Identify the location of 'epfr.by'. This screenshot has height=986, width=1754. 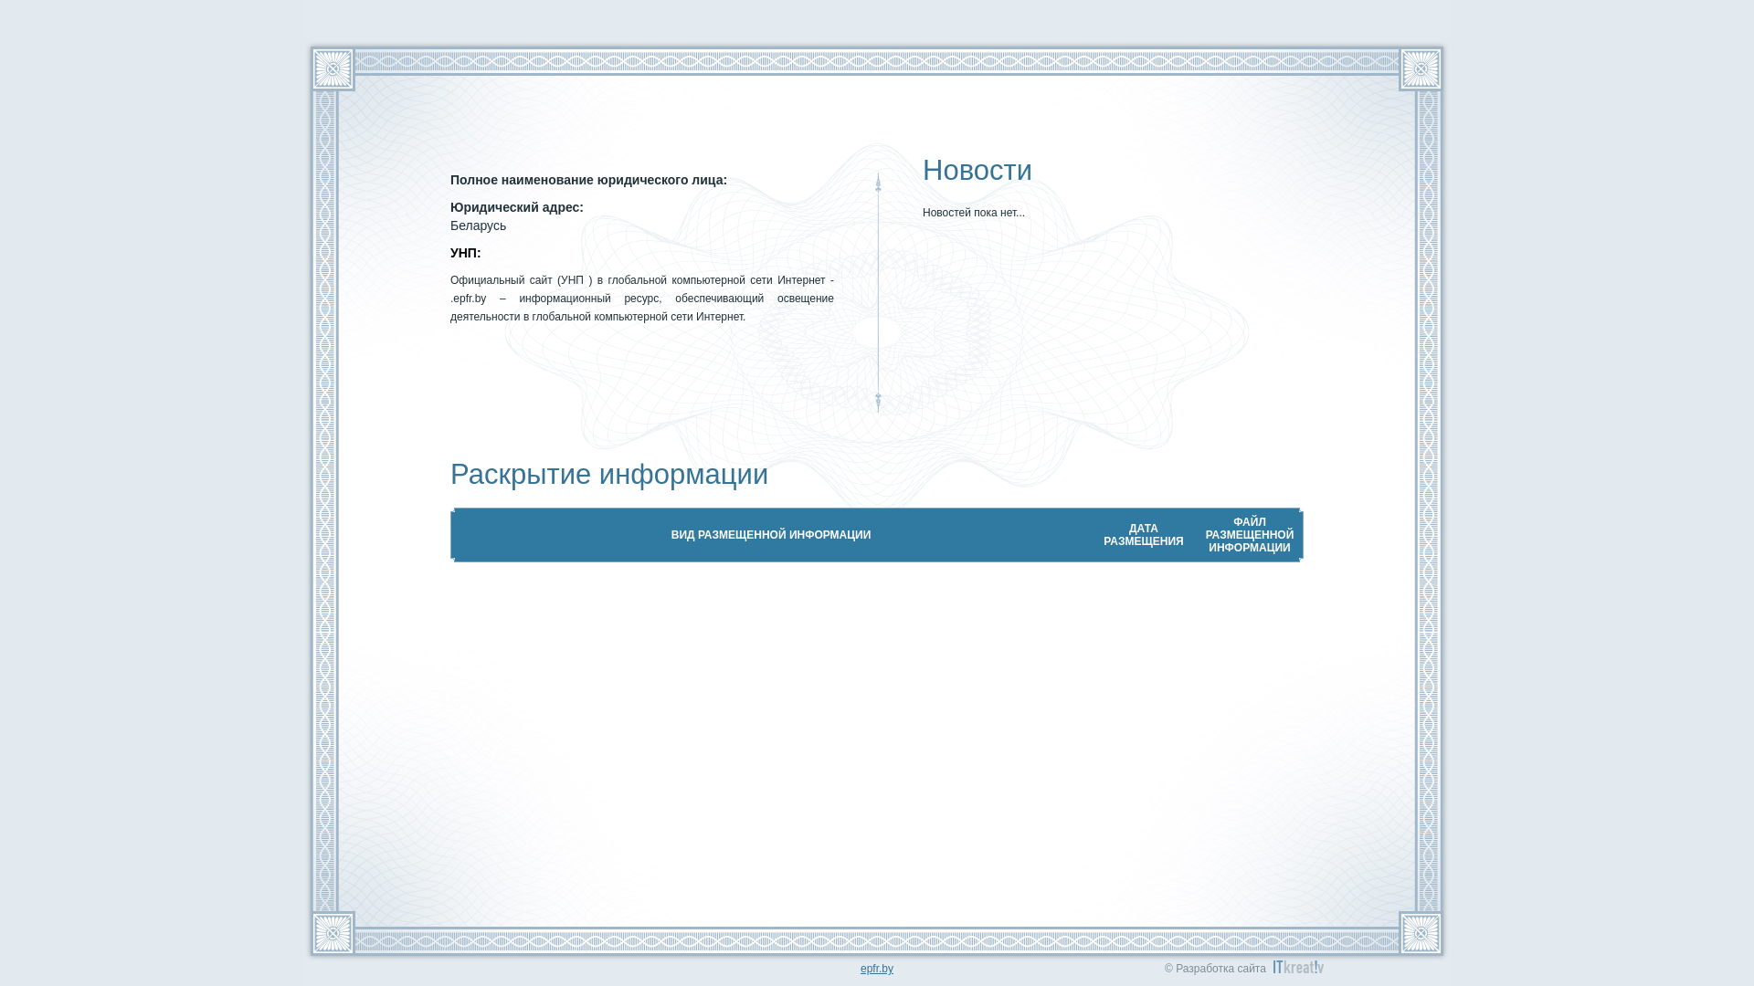
(877, 967).